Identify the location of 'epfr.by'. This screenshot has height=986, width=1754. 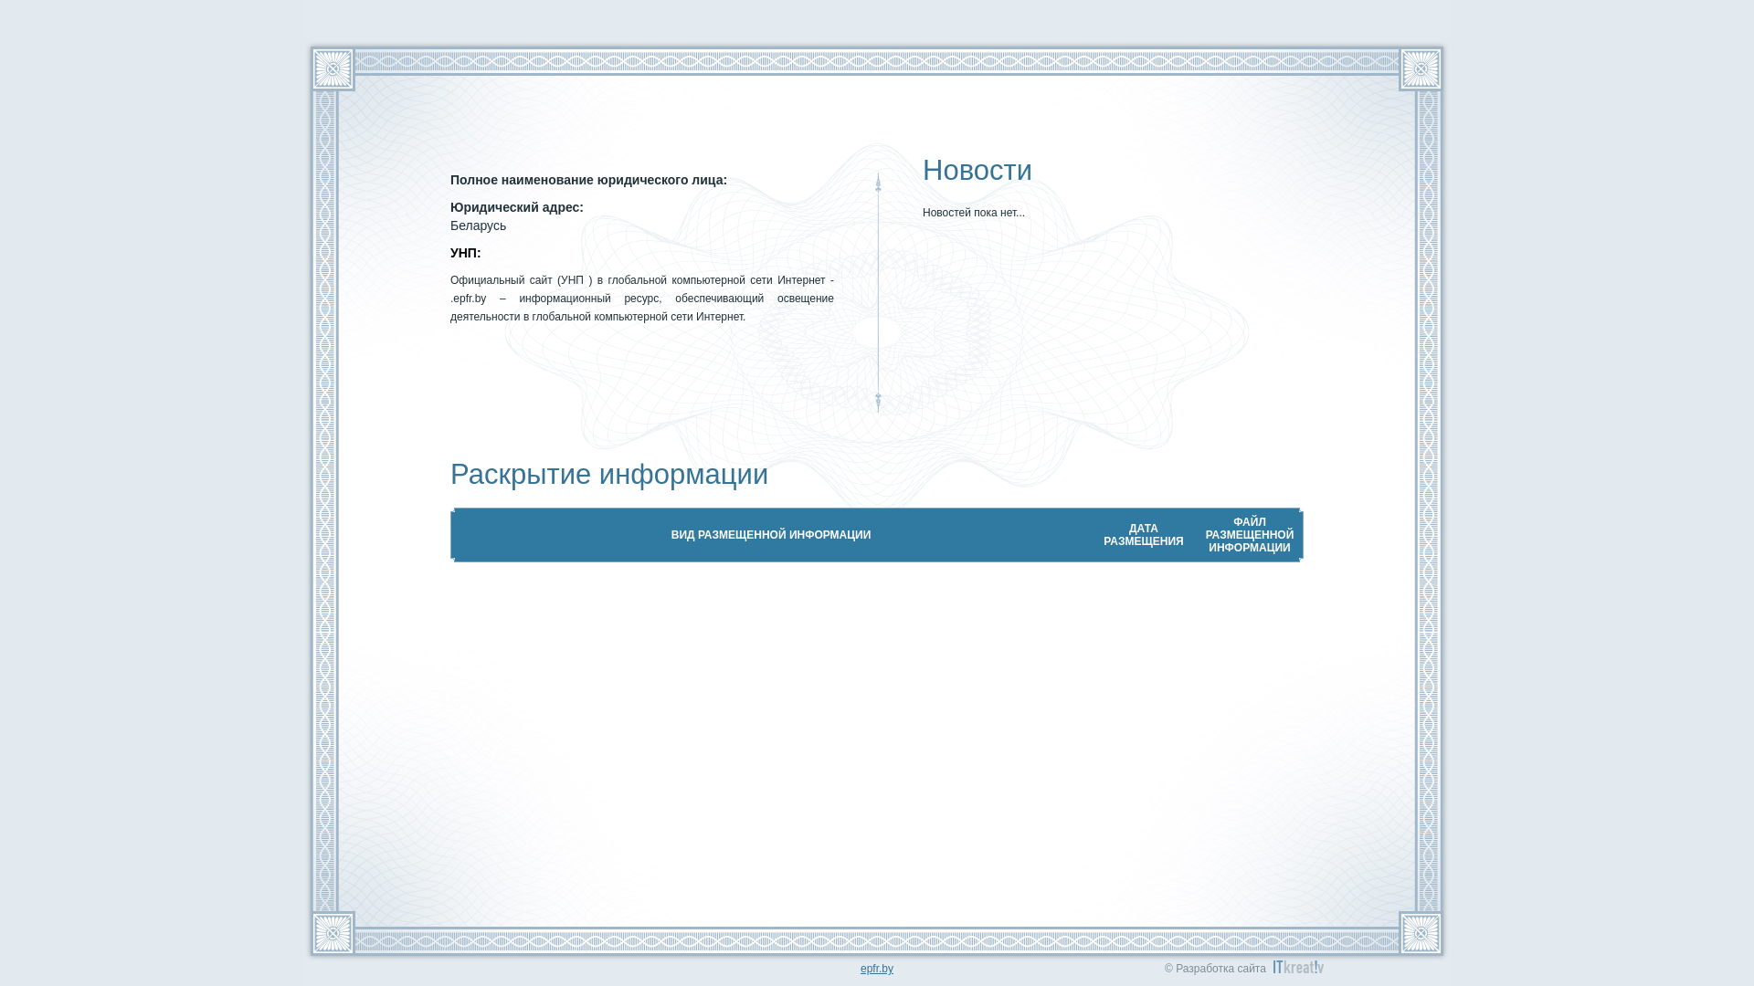
(877, 967).